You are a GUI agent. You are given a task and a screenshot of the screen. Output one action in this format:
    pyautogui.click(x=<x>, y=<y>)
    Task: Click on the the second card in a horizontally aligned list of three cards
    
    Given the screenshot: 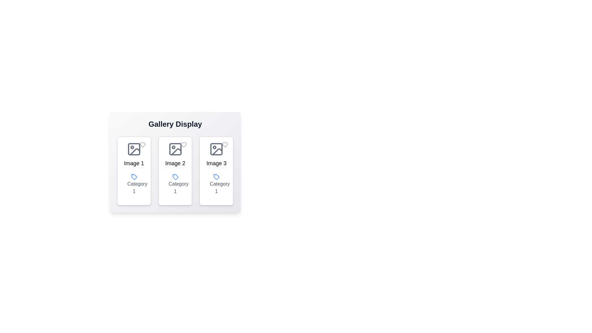 What is the action you would take?
    pyautogui.click(x=175, y=171)
    